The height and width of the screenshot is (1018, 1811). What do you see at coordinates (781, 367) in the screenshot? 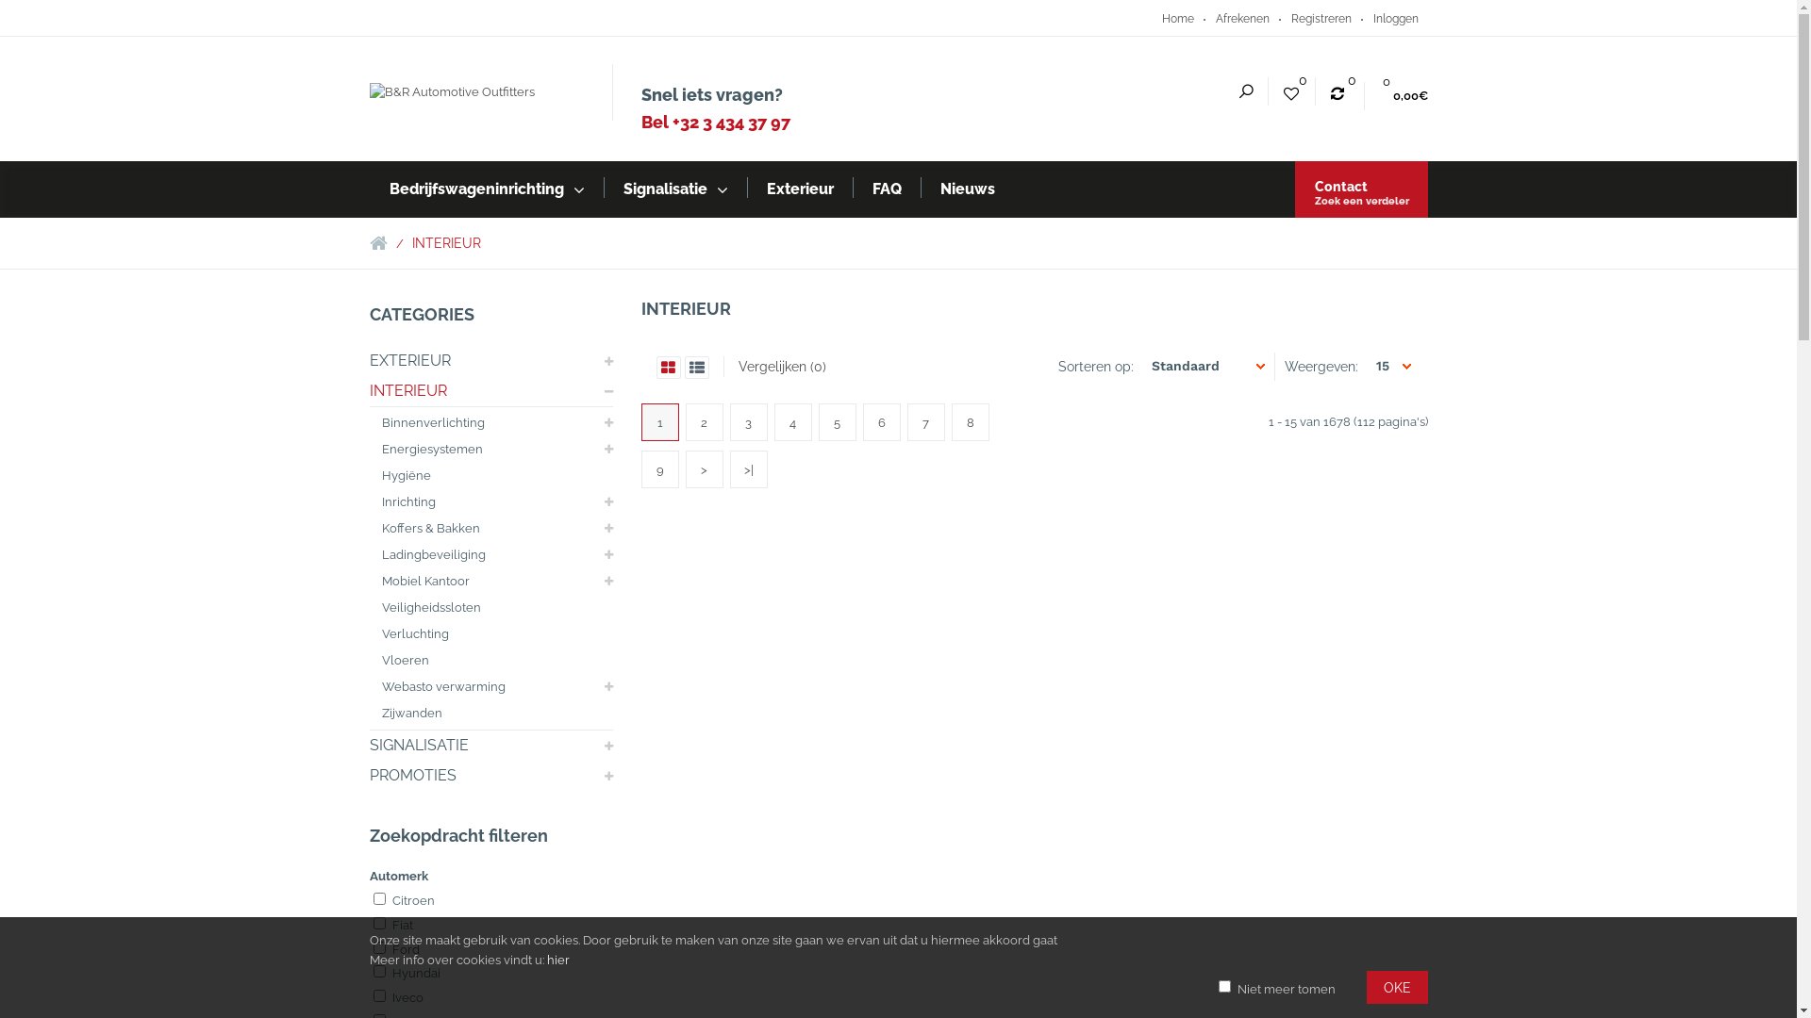
I see `'Vergelijken (0)'` at bounding box center [781, 367].